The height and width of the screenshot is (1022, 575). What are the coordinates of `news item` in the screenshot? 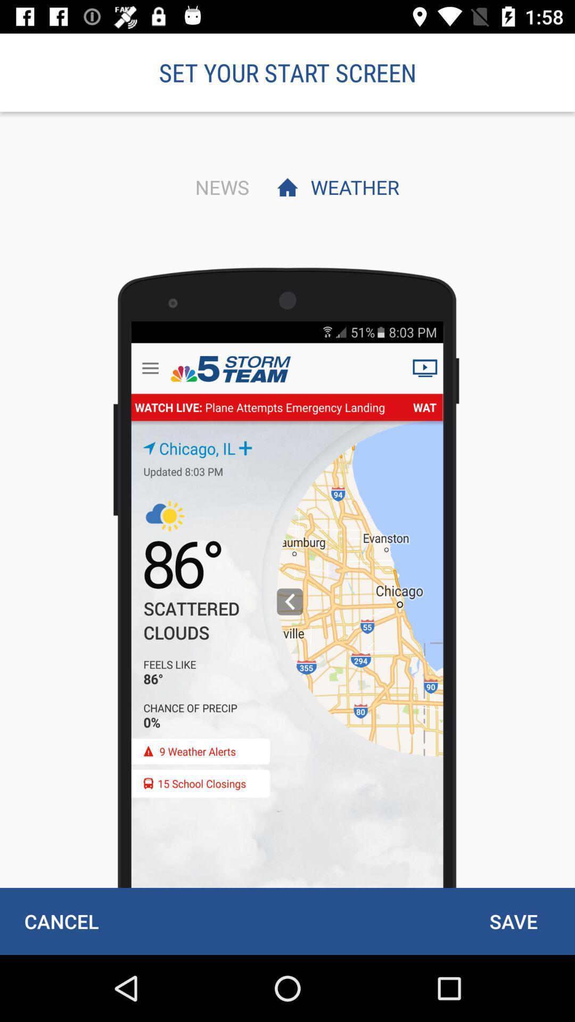 It's located at (219, 187).